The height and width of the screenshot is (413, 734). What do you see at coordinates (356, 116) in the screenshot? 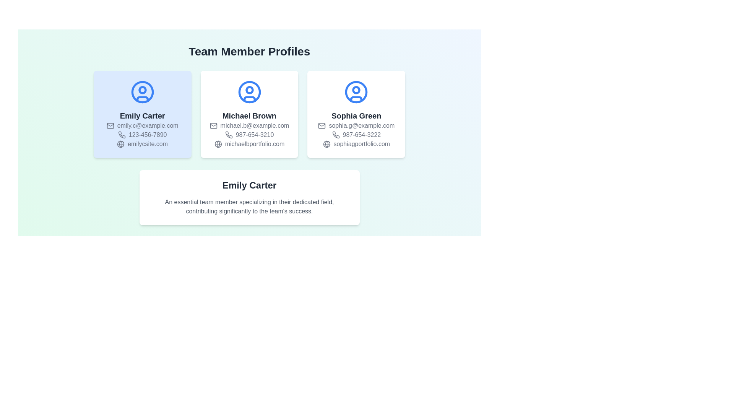
I see `text label identifying the contact name located in the top card of the third column, positioned beneath an icon graphic` at bounding box center [356, 116].